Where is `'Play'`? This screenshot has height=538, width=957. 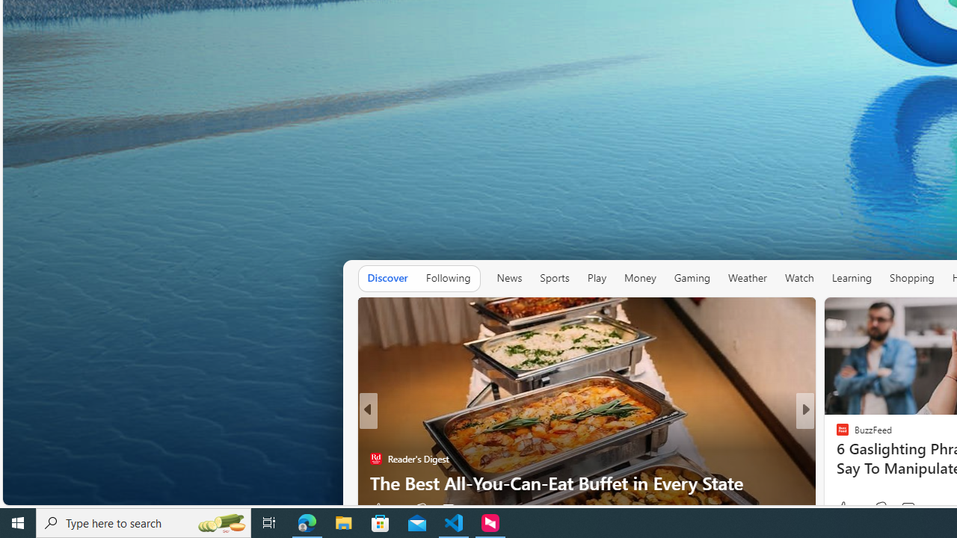
'Play' is located at coordinates (596, 277).